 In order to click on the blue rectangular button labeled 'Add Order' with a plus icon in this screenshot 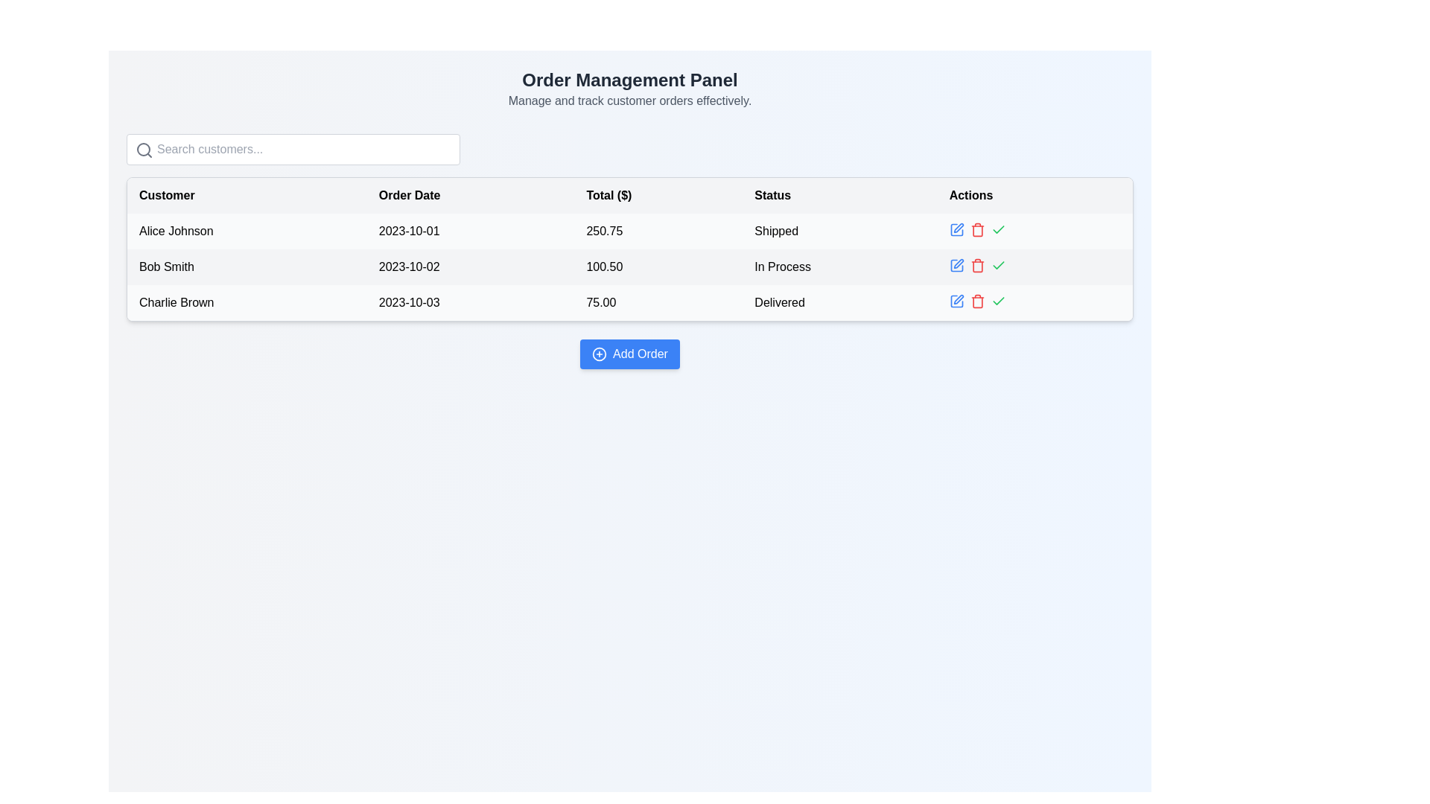, I will do `click(629, 354)`.